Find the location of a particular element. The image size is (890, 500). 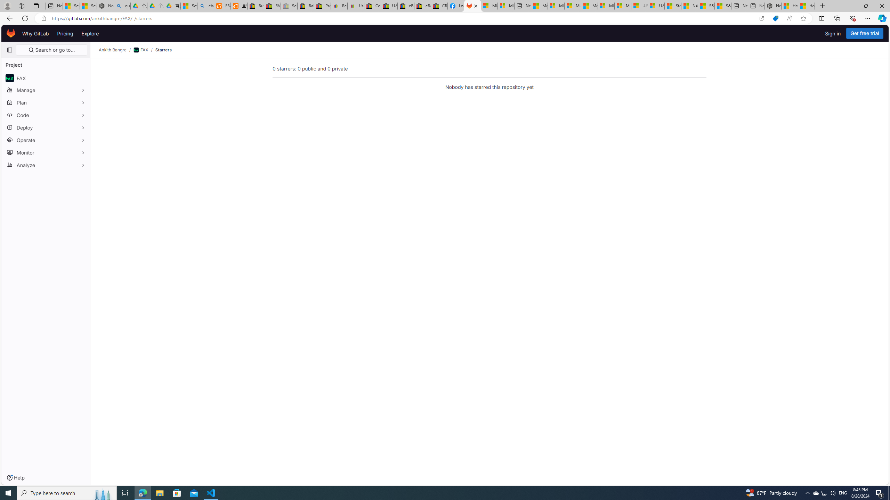

'Explore' is located at coordinates (89, 33).